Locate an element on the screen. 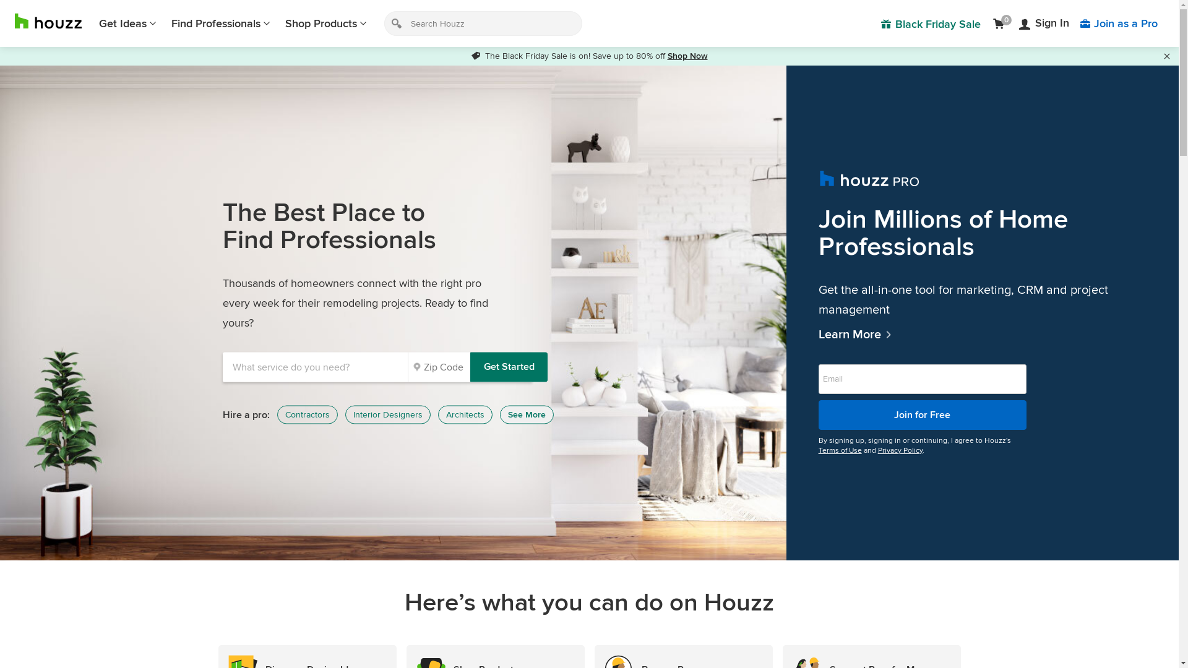  'Terms of Use' is located at coordinates (840, 450).